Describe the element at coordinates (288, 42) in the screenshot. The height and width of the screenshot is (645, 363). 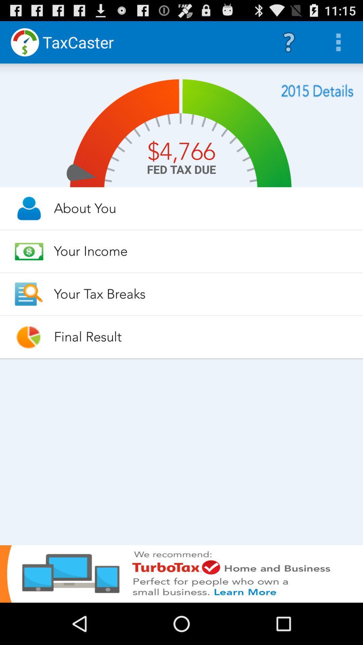
I see `app next to taxcaster` at that location.